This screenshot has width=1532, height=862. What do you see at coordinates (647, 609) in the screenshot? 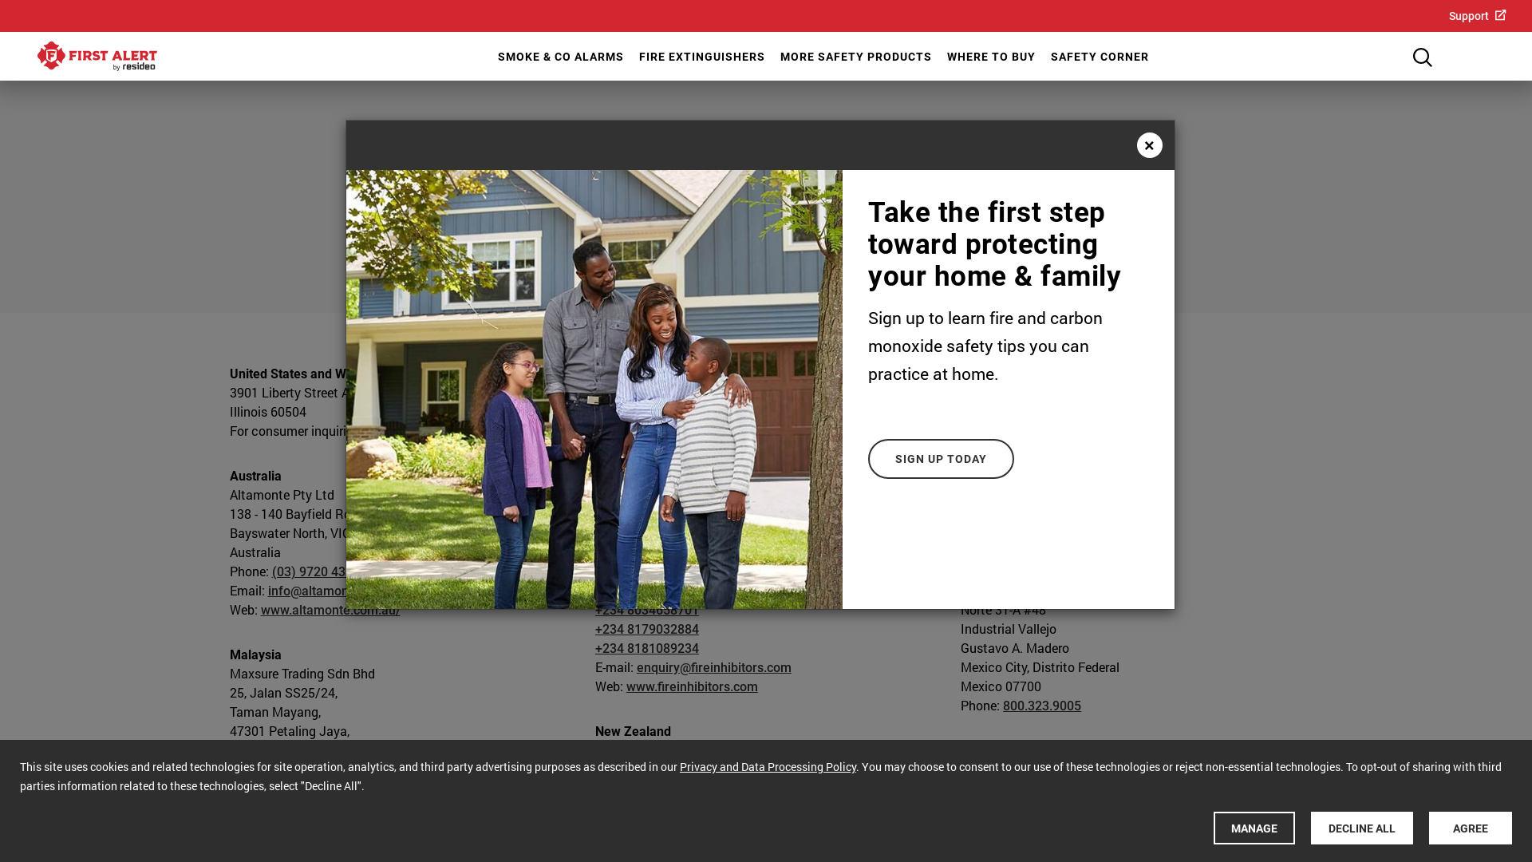
I see `'+234 8034658701'` at bounding box center [647, 609].